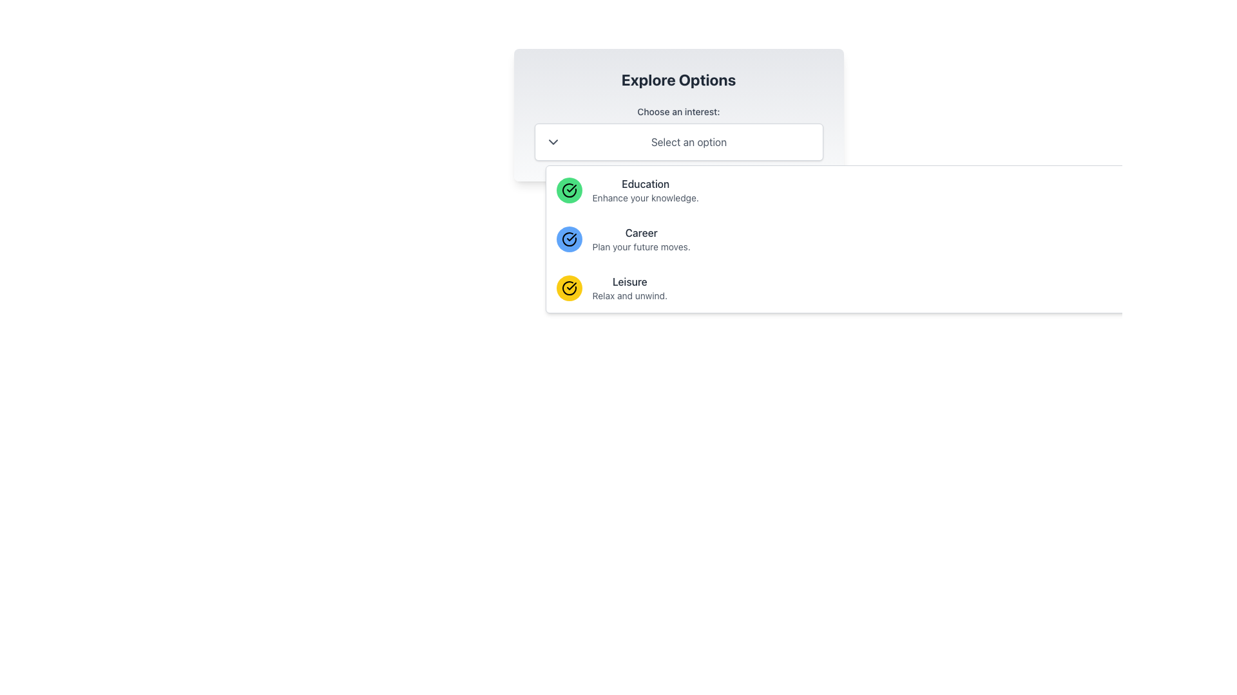  I want to click on the circular outline SVG icon that represents a checked state, located adjacent to the 'Education: Enhance your knowledge' text at the top of the options list, so click(568, 190).